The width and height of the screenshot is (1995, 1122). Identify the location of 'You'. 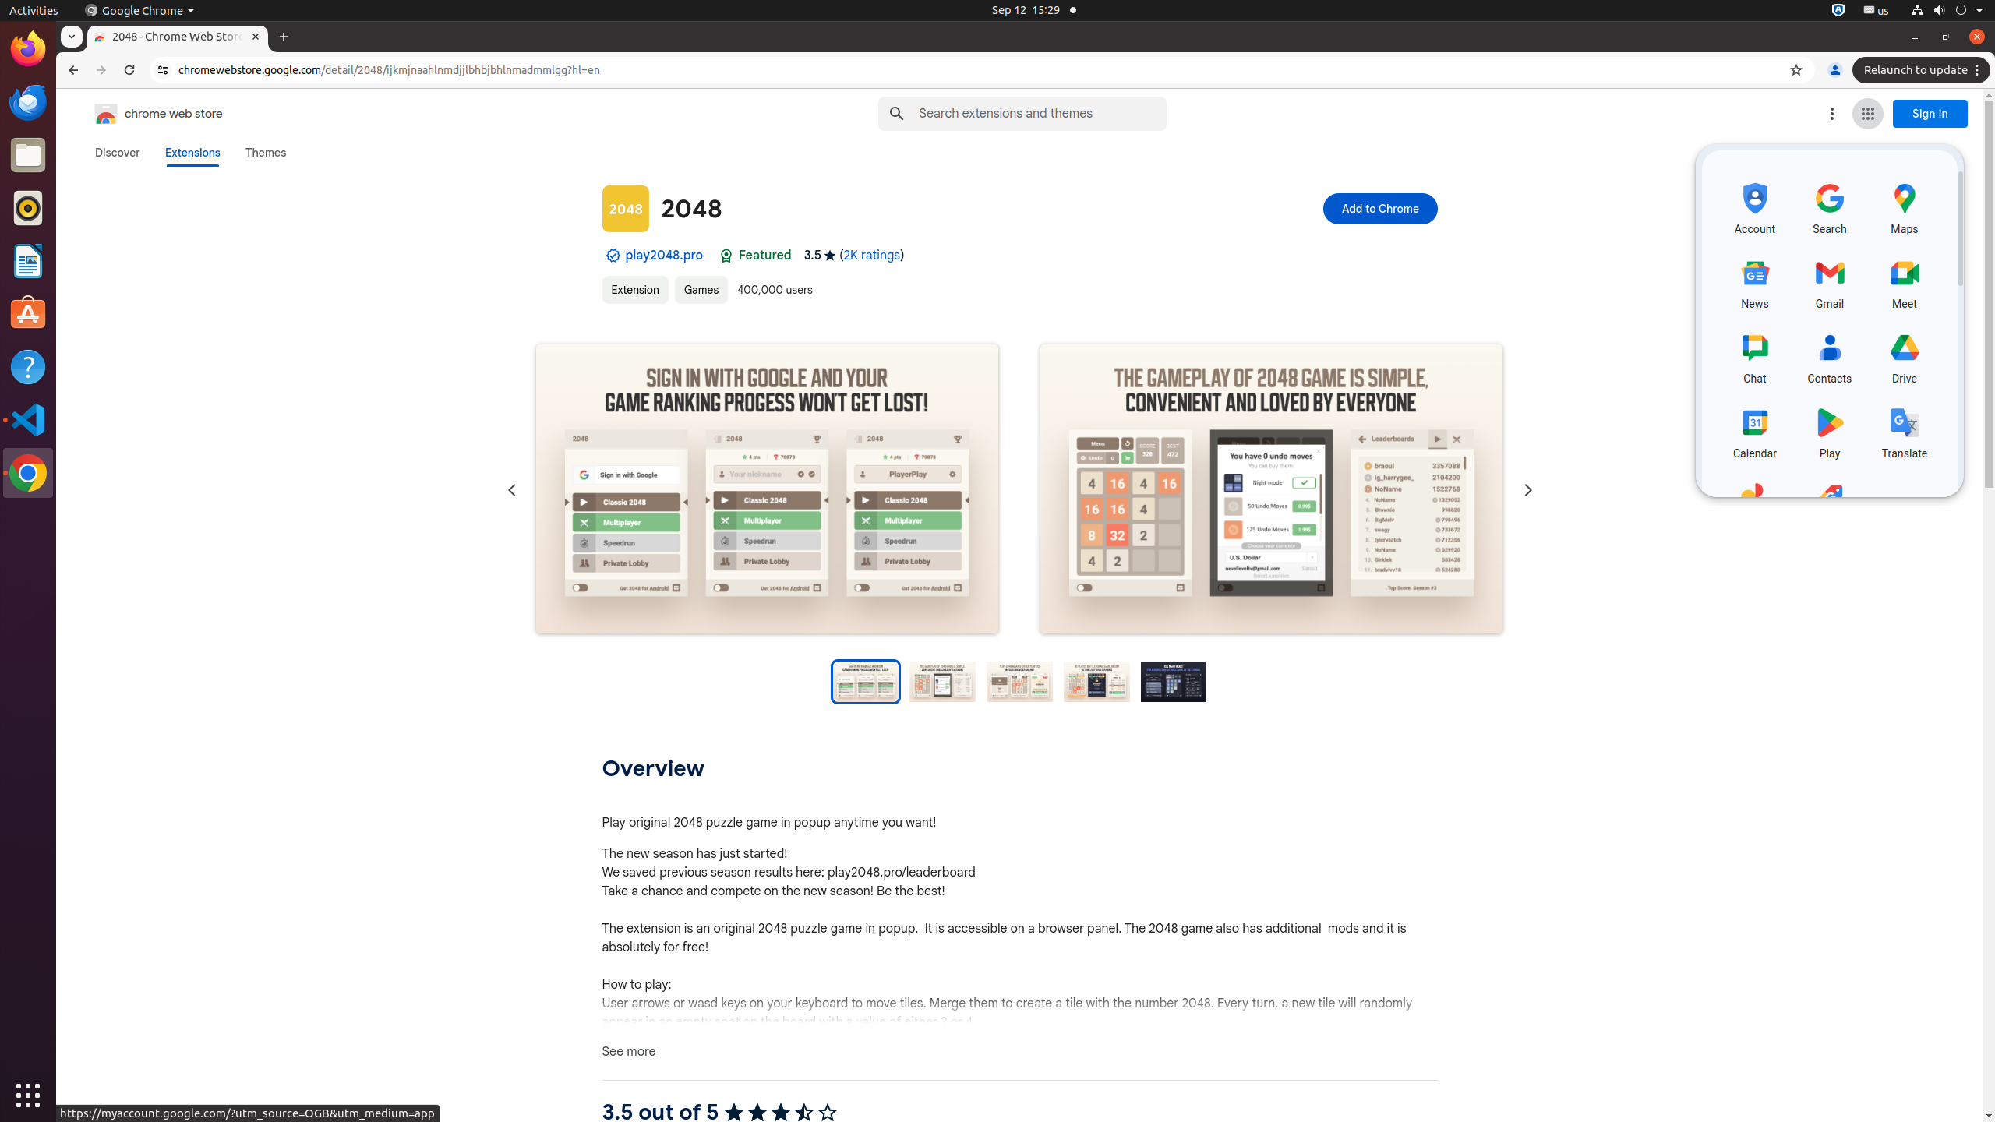
(1834, 69).